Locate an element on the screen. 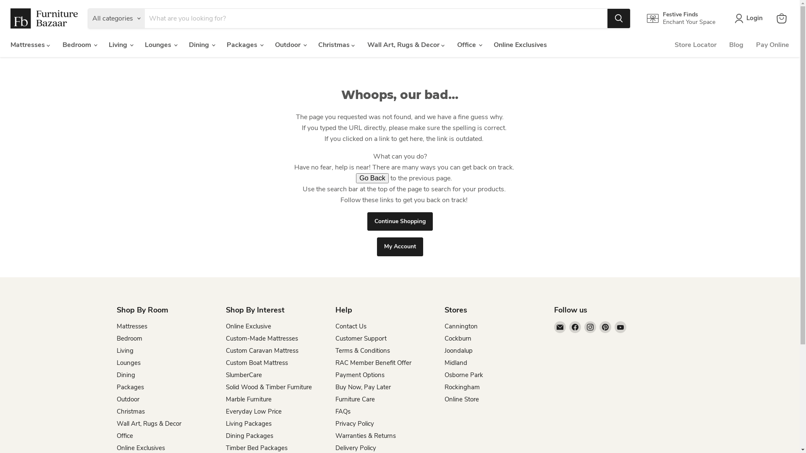  'Dining' is located at coordinates (125, 375).